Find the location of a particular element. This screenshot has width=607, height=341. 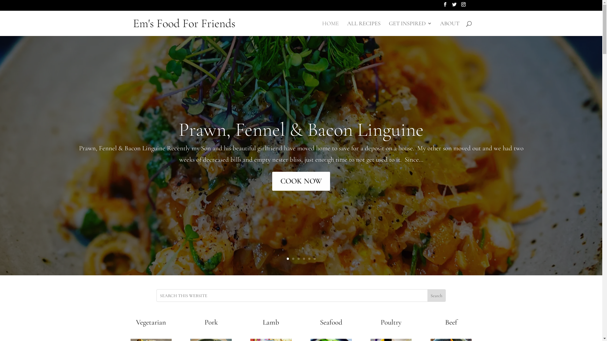

'ABOUT' is located at coordinates (449, 28).